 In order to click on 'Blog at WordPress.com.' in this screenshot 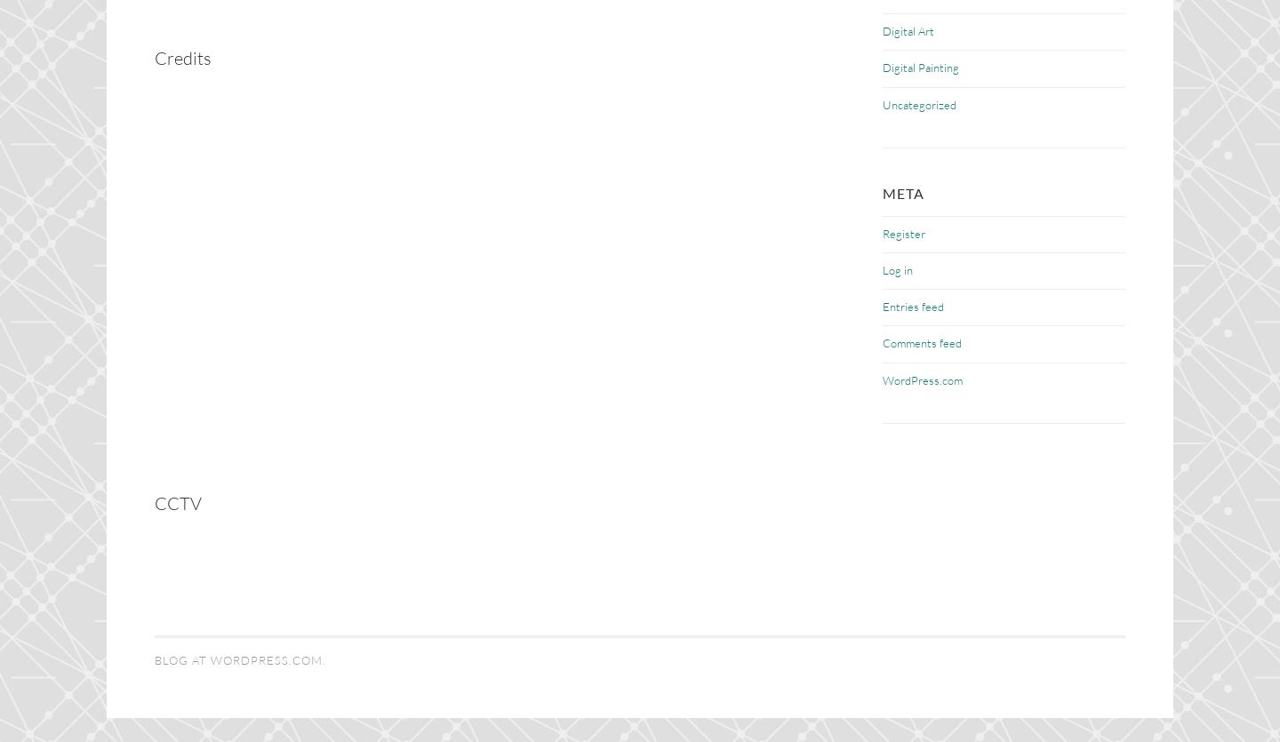, I will do `click(239, 658)`.